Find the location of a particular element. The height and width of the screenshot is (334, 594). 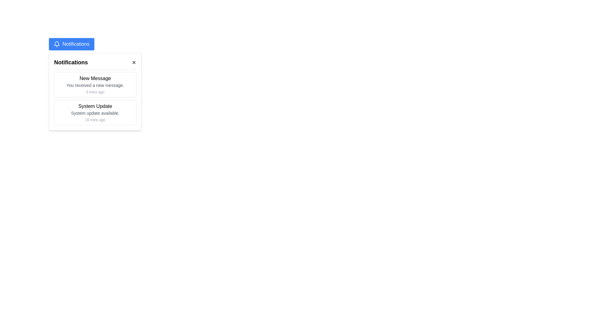

the trigger button that toggles the visibility of the notifications dropdown is located at coordinates (71, 44).